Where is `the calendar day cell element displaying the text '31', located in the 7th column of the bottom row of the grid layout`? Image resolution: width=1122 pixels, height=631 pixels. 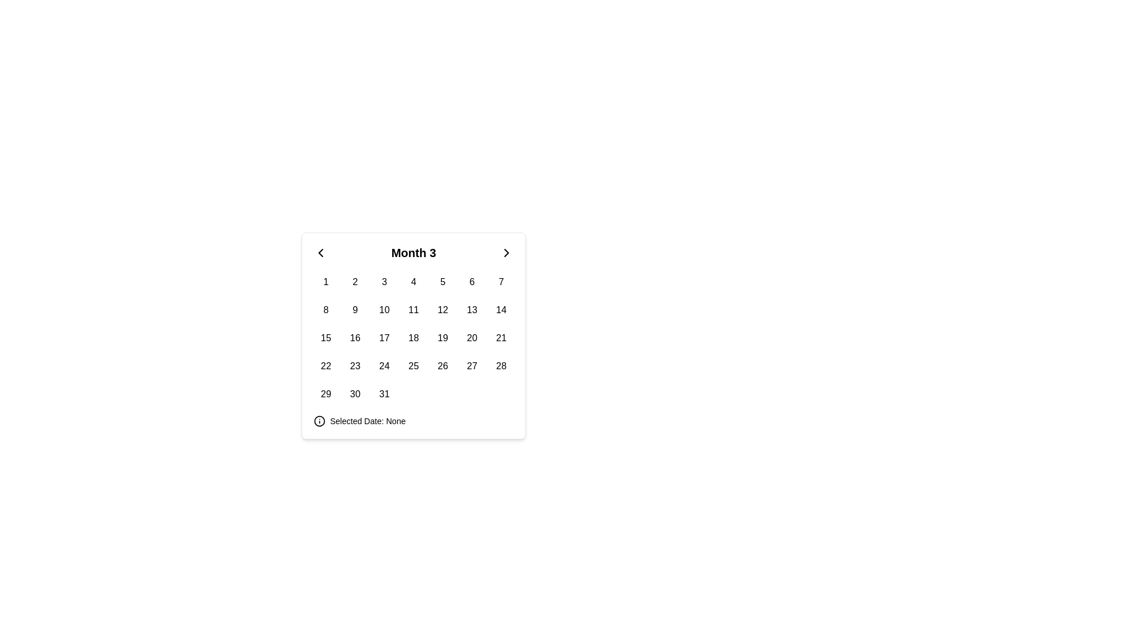 the calendar day cell element displaying the text '31', located in the 7th column of the bottom row of the grid layout is located at coordinates (384, 394).